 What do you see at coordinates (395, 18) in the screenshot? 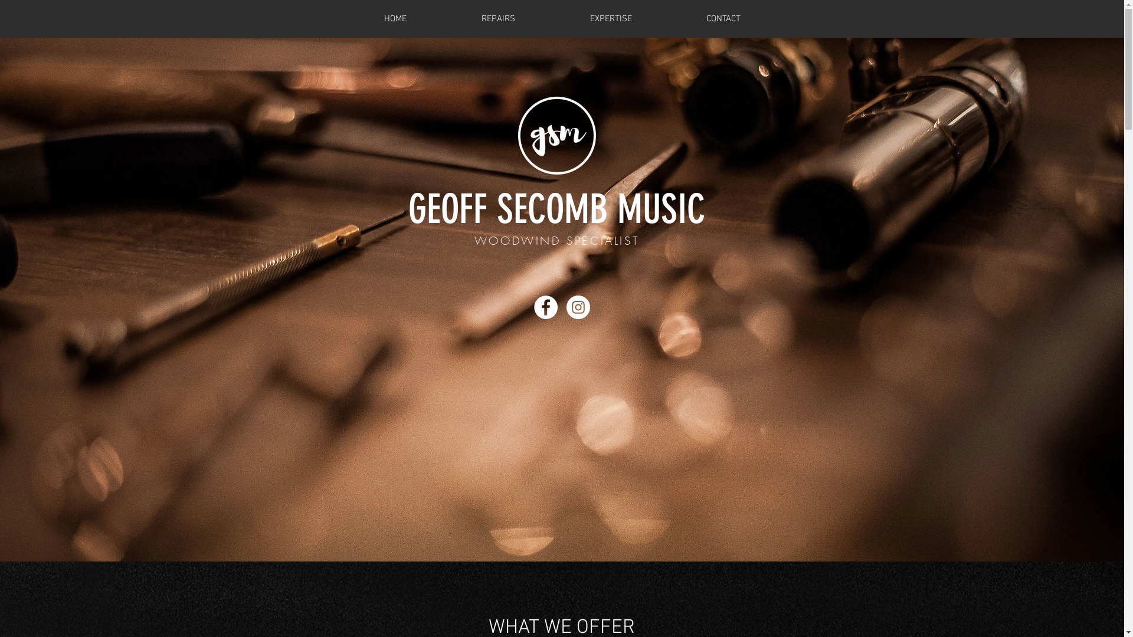
I see `'HOME'` at bounding box center [395, 18].